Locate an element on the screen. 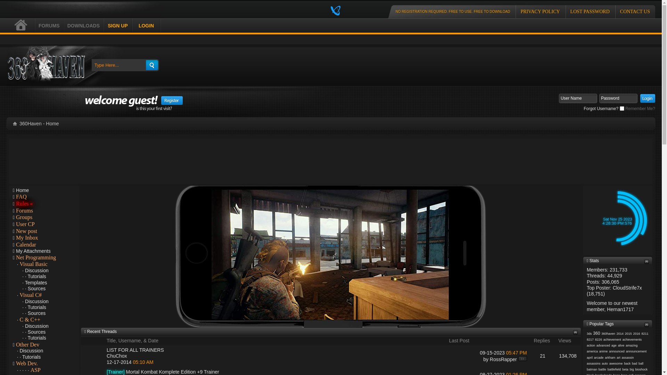 The image size is (667, 375). 'Templates' is located at coordinates (25, 282).